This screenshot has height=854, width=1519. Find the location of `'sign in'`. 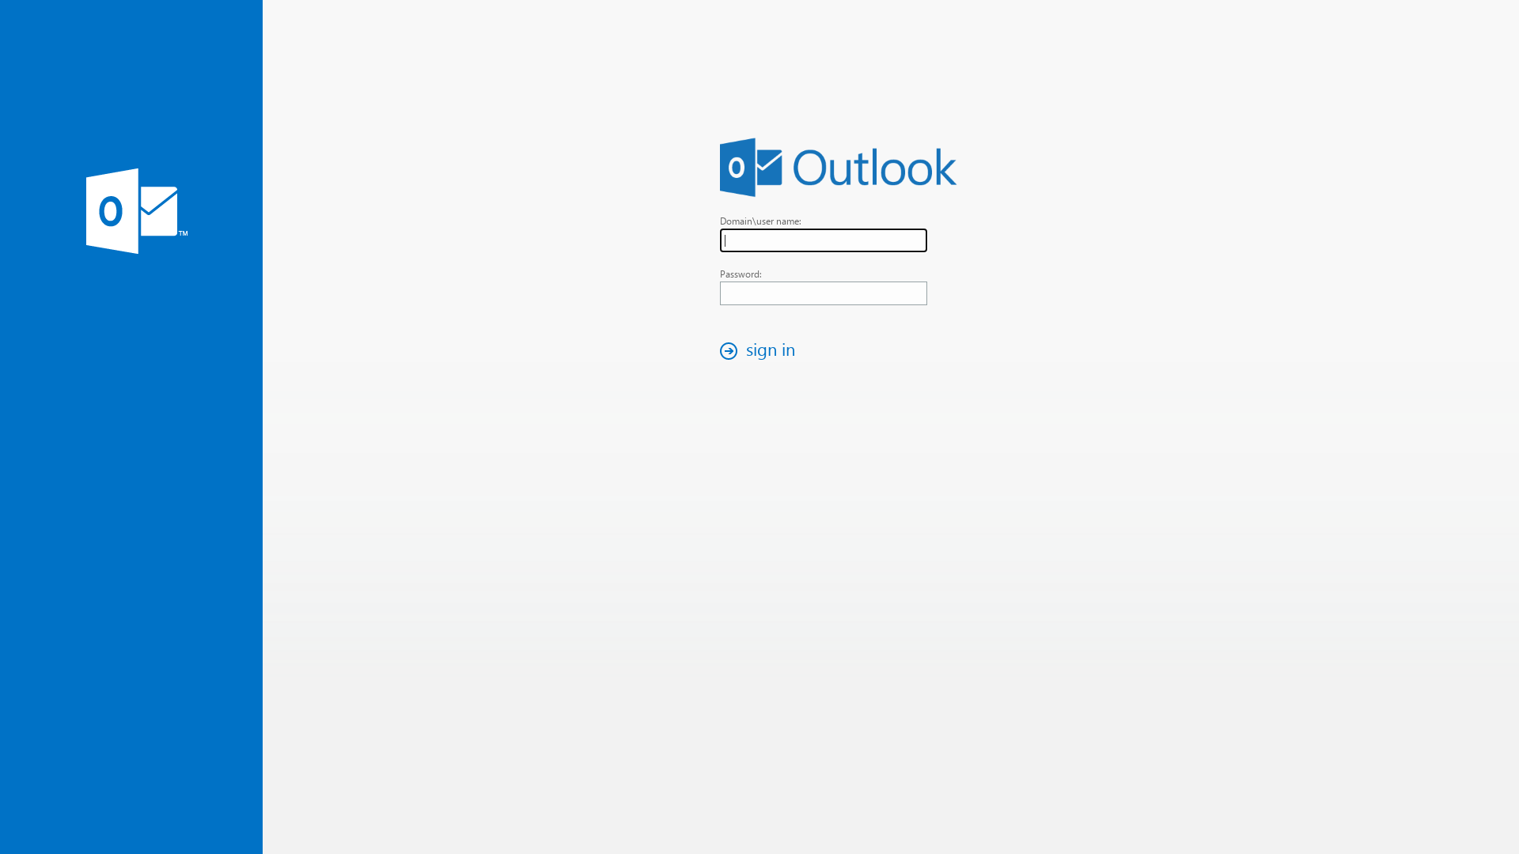

'sign in' is located at coordinates (713, 350).